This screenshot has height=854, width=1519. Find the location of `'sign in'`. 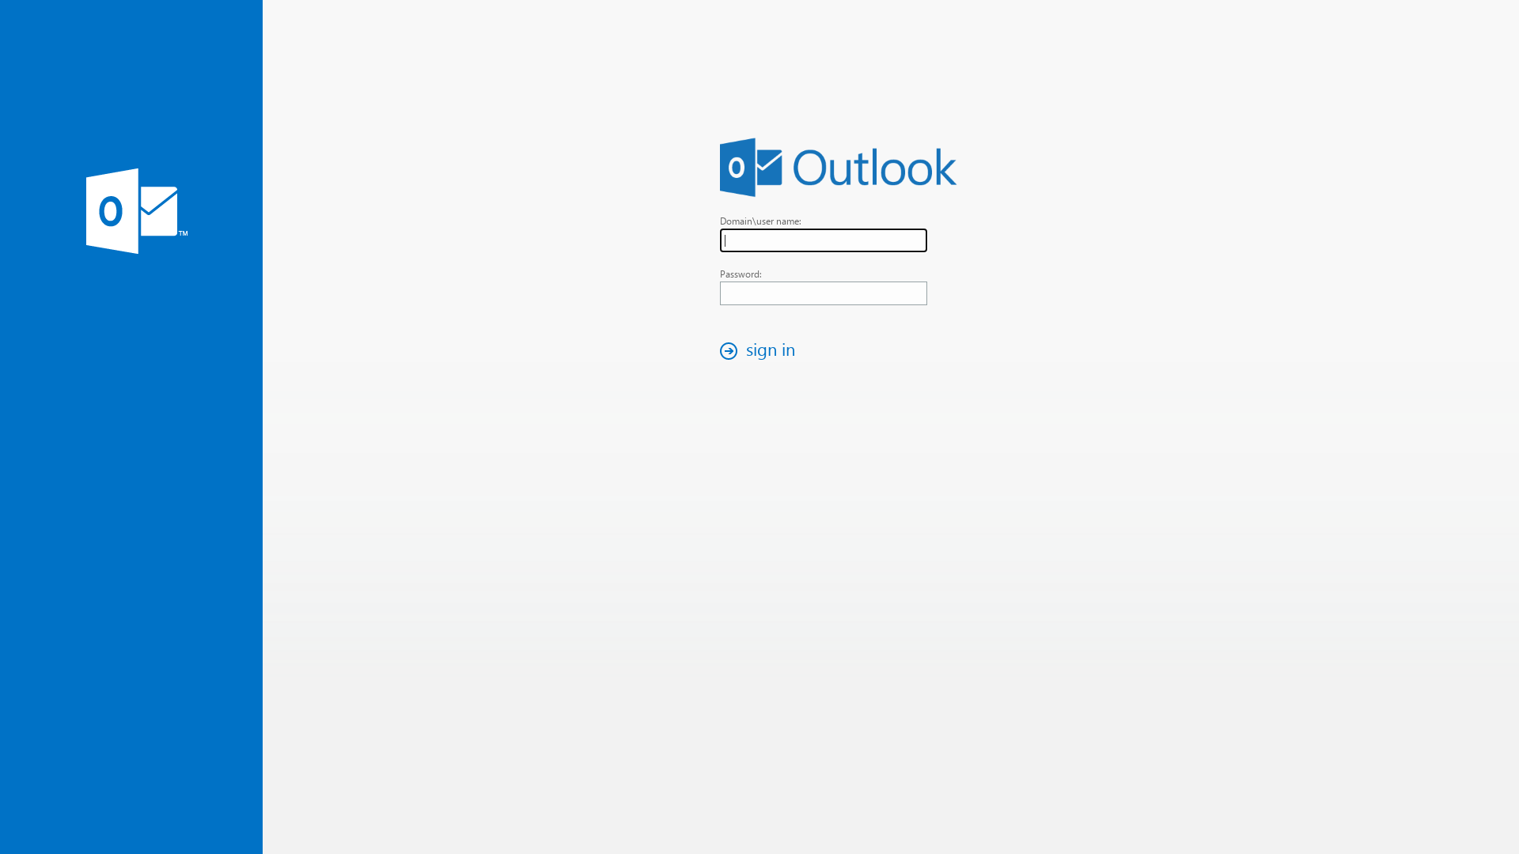

'sign in' is located at coordinates (713, 350).